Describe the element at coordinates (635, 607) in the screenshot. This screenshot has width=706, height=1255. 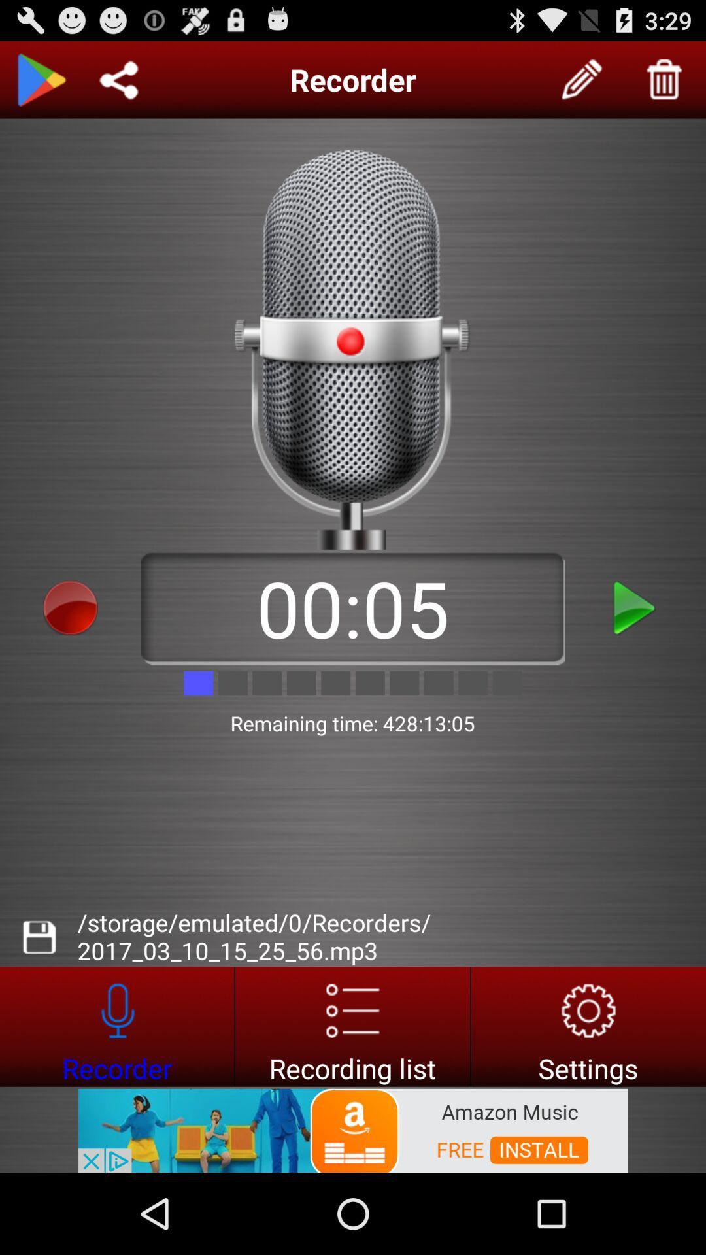
I see `next button` at that location.